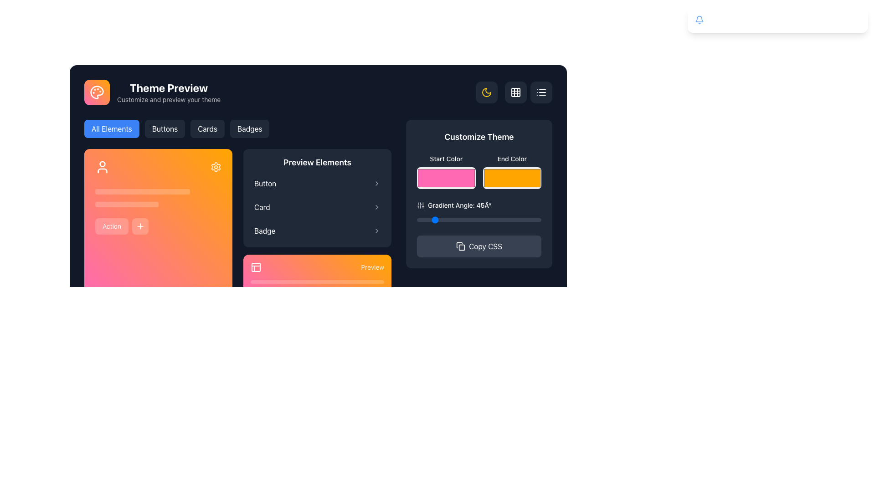  Describe the element at coordinates (479, 205) in the screenshot. I see `the text label displaying 'Gradient Angle: 45°'` at that location.